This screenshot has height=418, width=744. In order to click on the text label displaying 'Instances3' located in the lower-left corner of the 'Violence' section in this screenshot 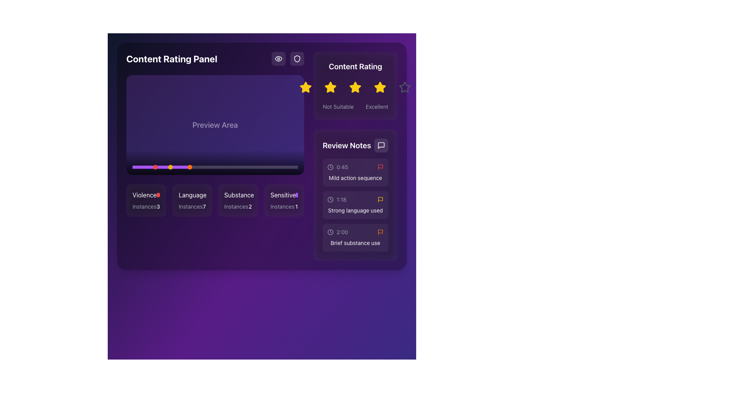, I will do `click(146, 206)`.